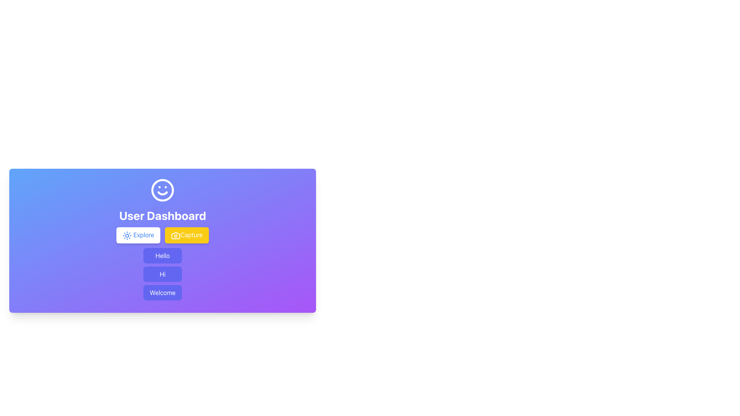 The height and width of the screenshot is (416, 740). Describe the element at coordinates (162, 292) in the screenshot. I see `the 'Welcome' label, which is the third button in a vertical arrangement of buttons styled with white font on an indigo background` at that location.